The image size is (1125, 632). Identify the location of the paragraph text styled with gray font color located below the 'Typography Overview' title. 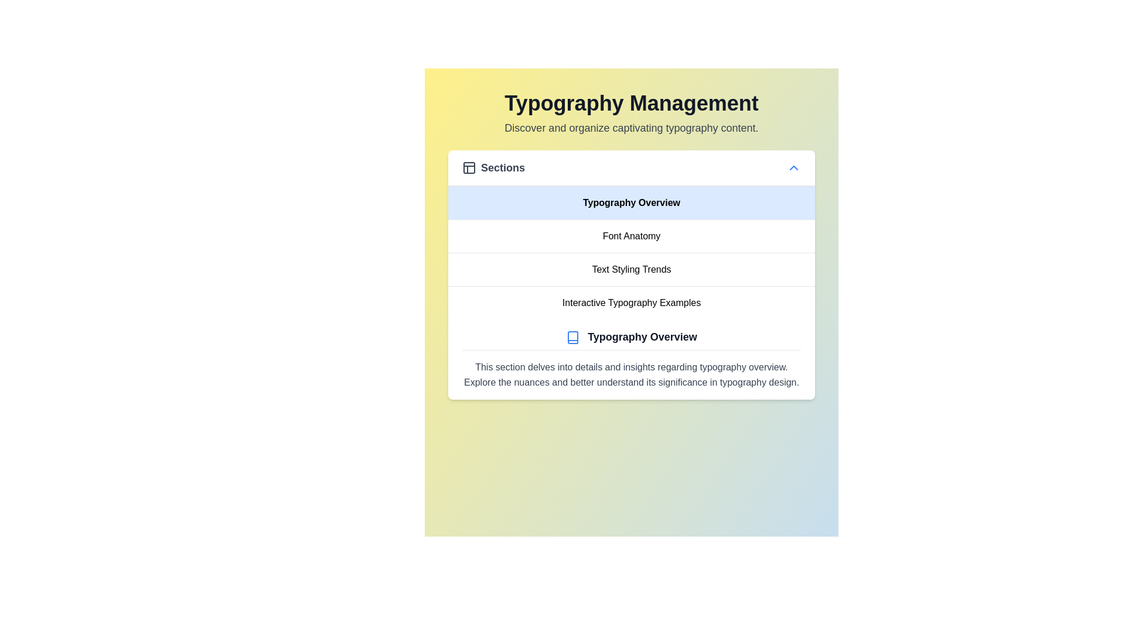
(631, 375).